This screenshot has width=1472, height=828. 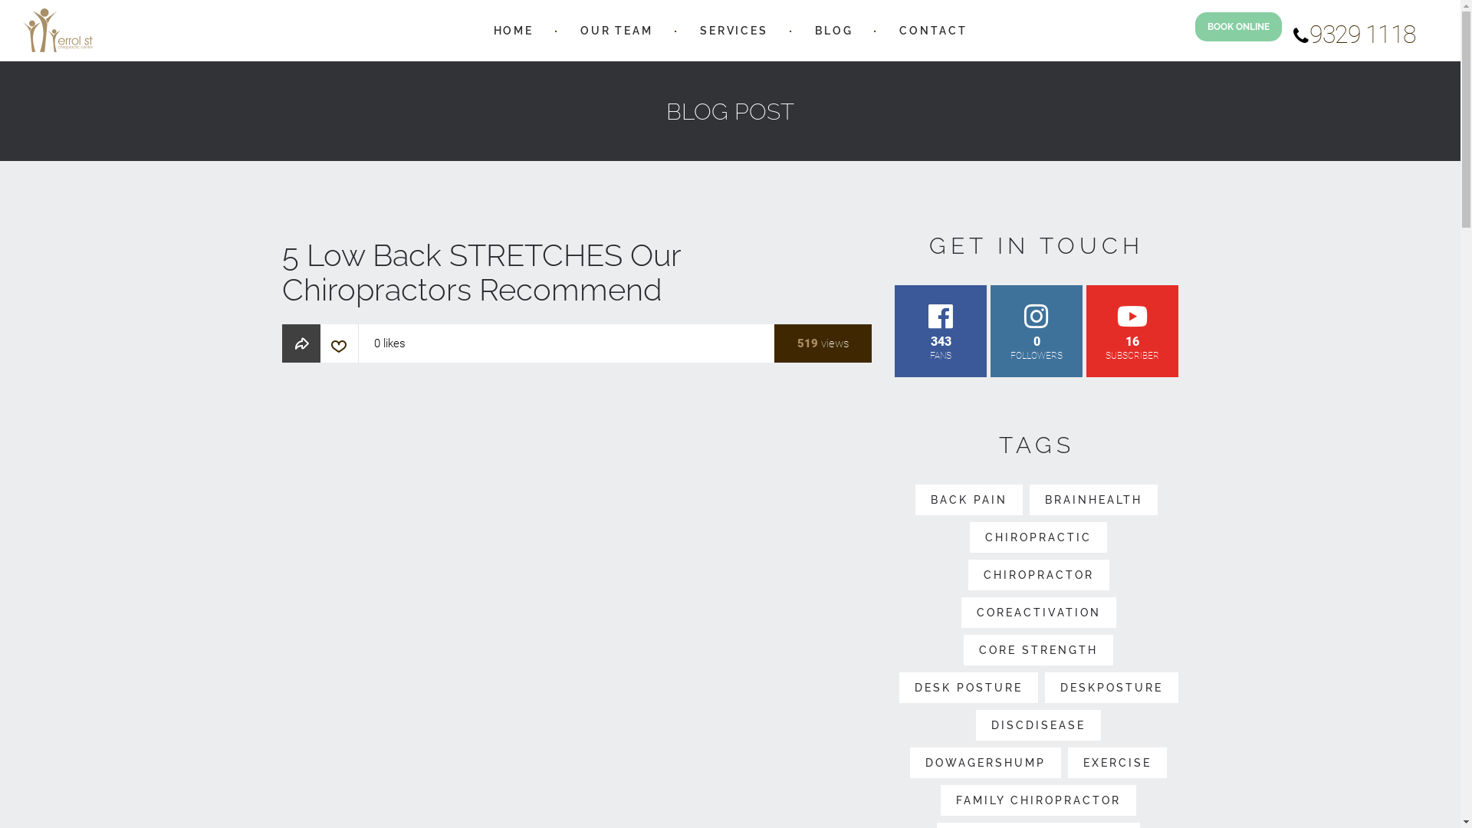 I want to click on 'FAMILY CHIROPRACTOR', so click(x=1038, y=800).